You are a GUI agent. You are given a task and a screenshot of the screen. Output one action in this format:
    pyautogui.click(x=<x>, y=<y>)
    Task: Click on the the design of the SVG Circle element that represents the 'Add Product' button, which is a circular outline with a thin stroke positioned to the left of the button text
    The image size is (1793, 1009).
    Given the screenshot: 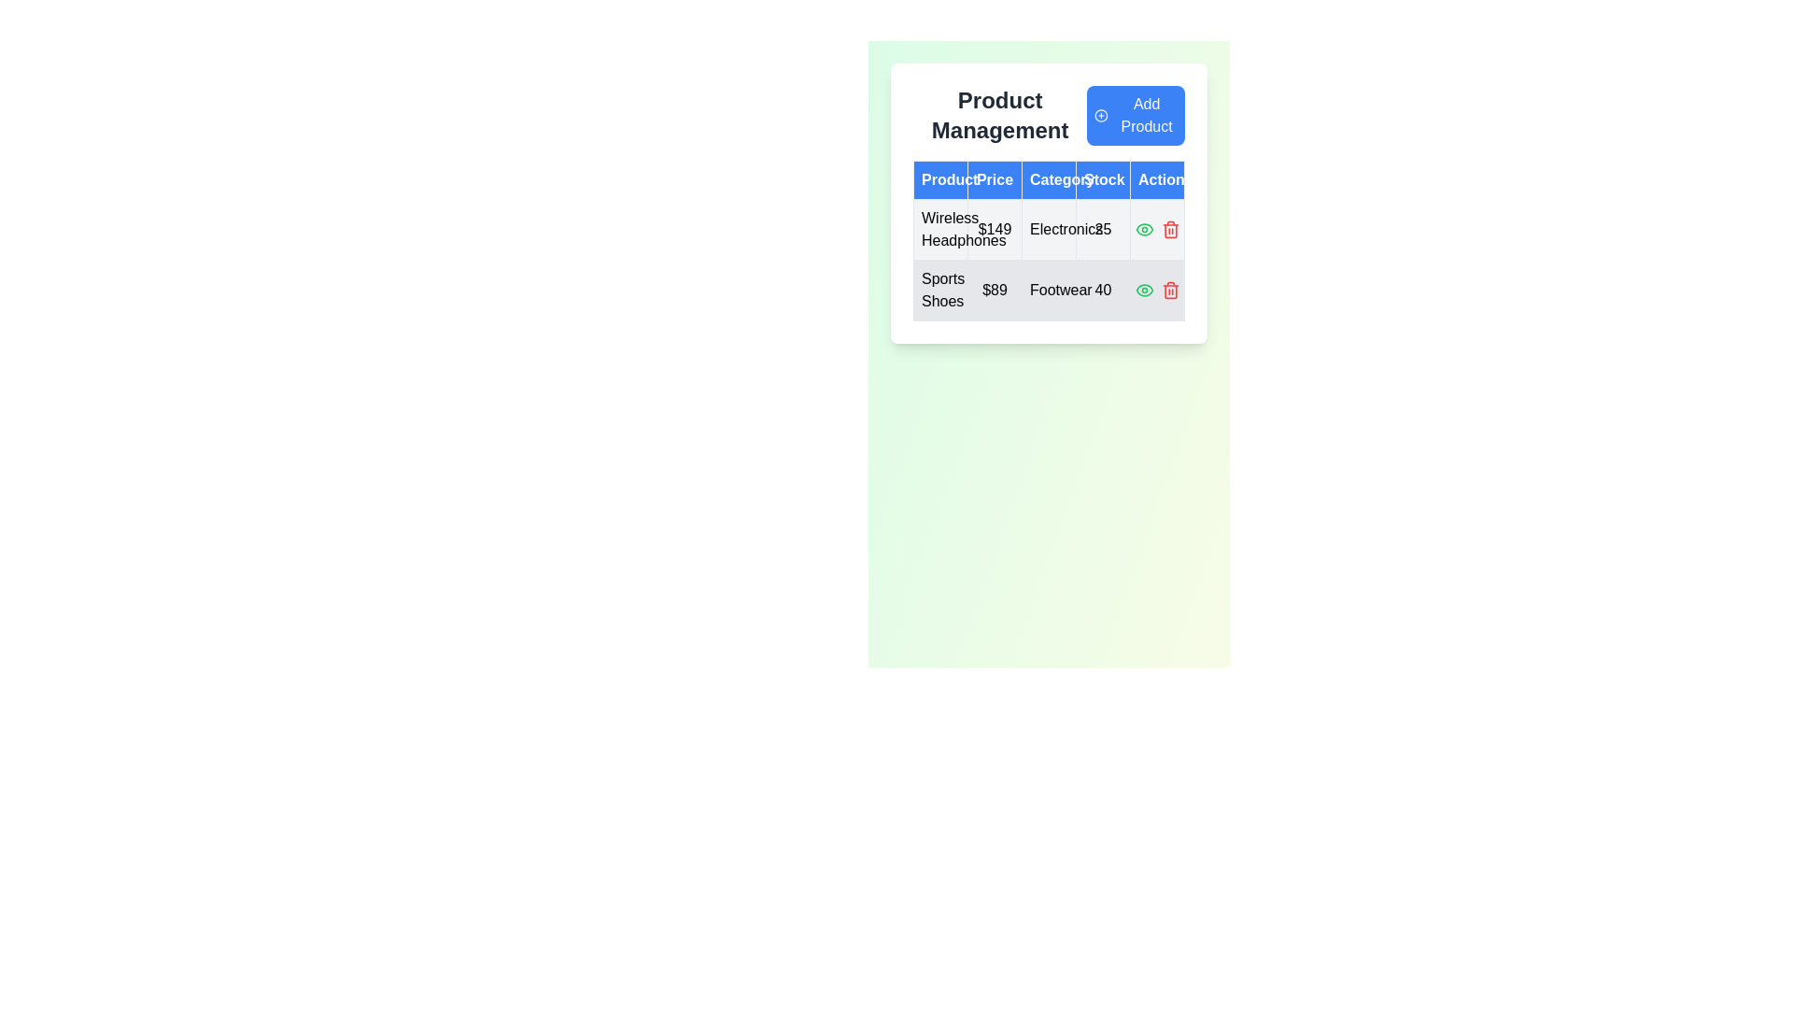 What is the action you would take?
    pyautogui.click(x=1101, y=115)
    